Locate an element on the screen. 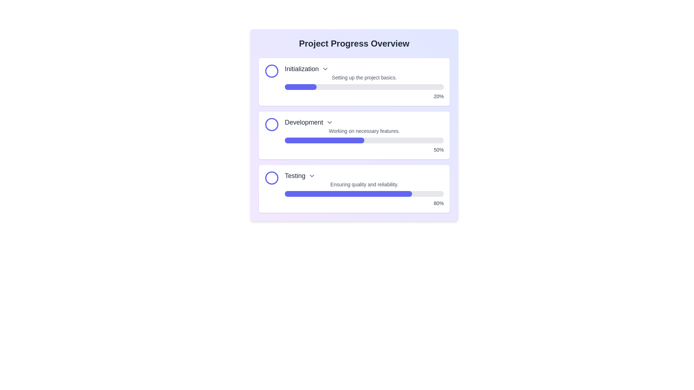 This screenshot has width=694, height=390. the 'Initialization' static text label, which is styled in a medium font size with dark gray color, centrally aligned at the top of the first progress overview card is located at coordinates (302, 69).